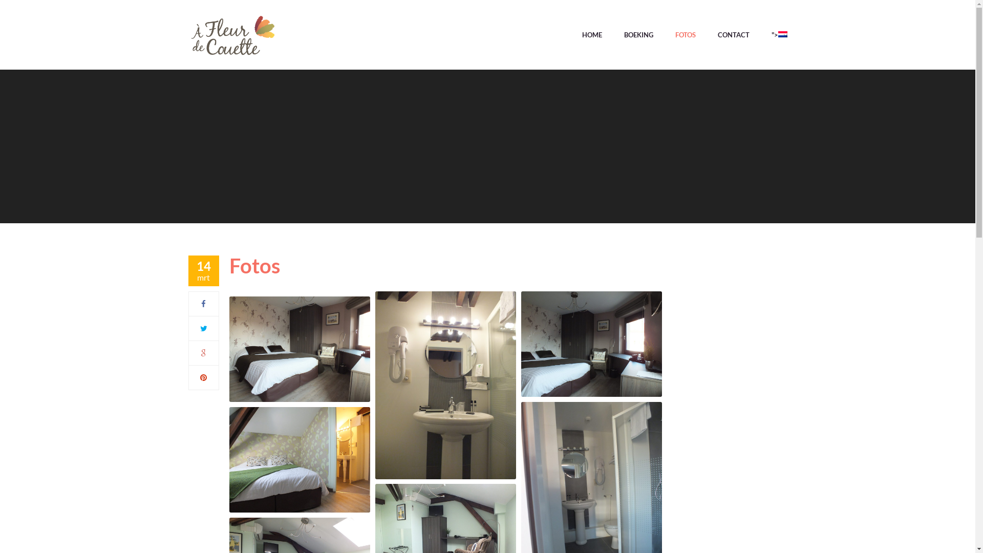 The image size is (983, 553). What do you see at coordinates (203, 303) in the screenshot?
I see `'Facebook'` at bounding box center [203, 303].